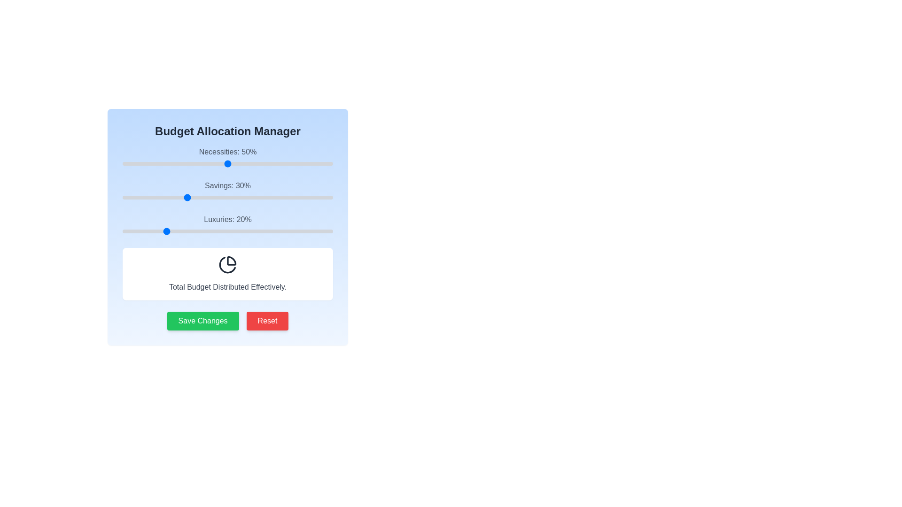  I want to click on the savings percentage, so click(308, 197).